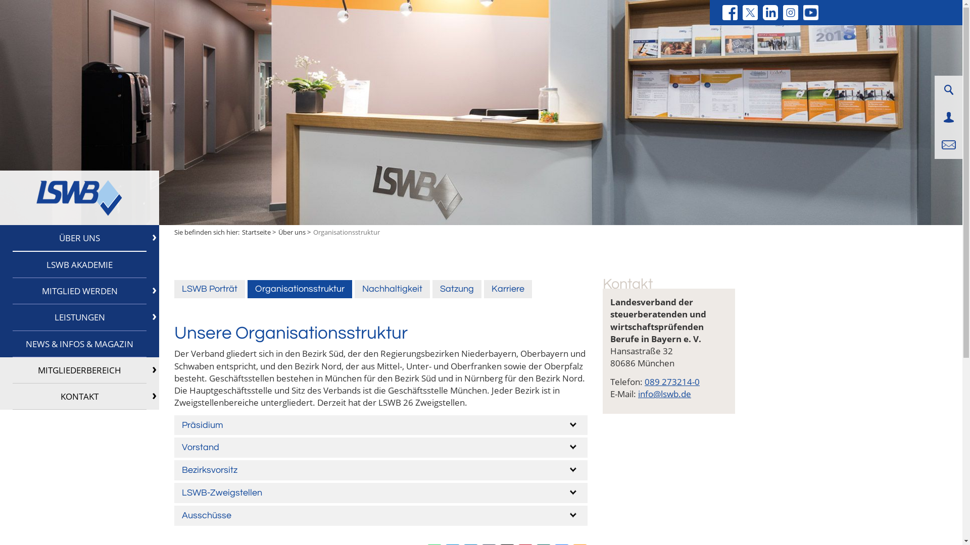  What do you see at coordinates (241, 232) in the screenshot?
I see `'Startseite'` at bounding box center [241, 232].